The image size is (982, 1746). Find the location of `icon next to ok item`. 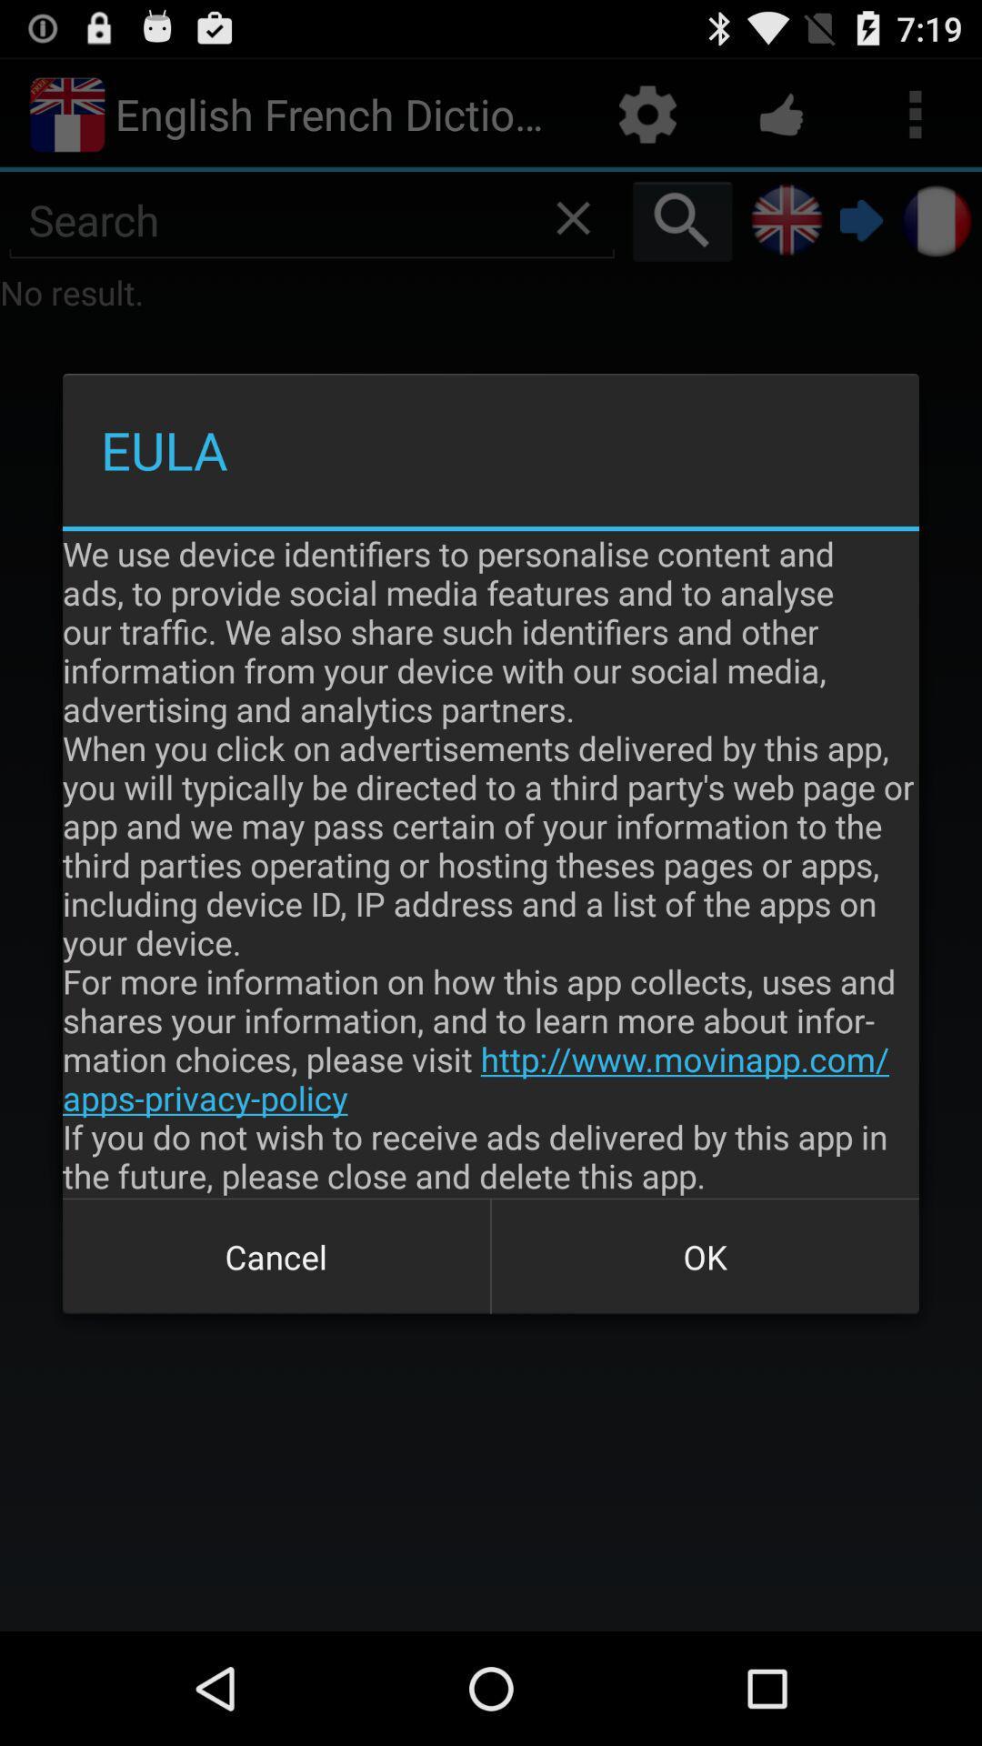

icon next to ok item is located at coordinates (276, 1256).